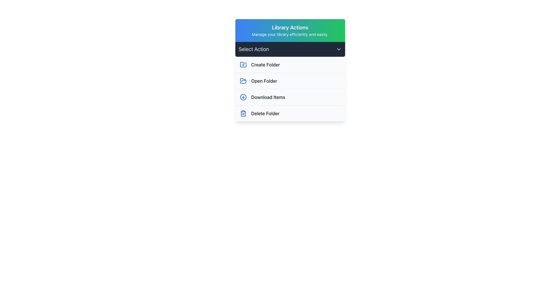 The image size is (549, 308). What do you see at coordinates (290, 113) in the screenshot?
I see `the delete folder button located below 'Download Items' in the dropdown interface` at bounding box center [290, 113].